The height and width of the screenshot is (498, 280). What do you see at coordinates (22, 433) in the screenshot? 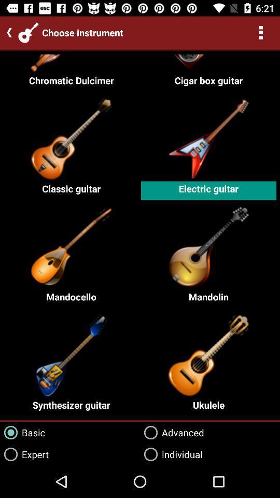
I see `the item to the left of advanced icon` at bounding box center [22, 433].